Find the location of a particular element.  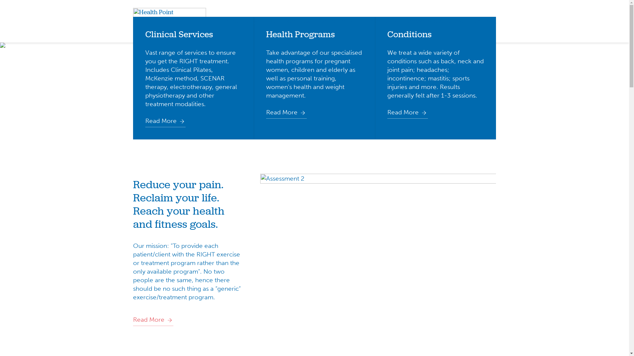

'Services' is located at coordinates (296, 21).